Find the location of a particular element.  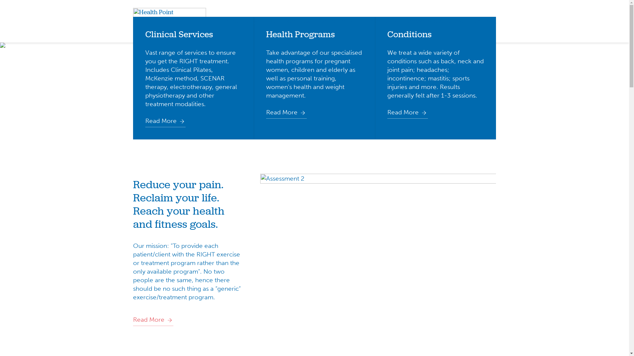

'Services' is located at coordinates (296, 21).